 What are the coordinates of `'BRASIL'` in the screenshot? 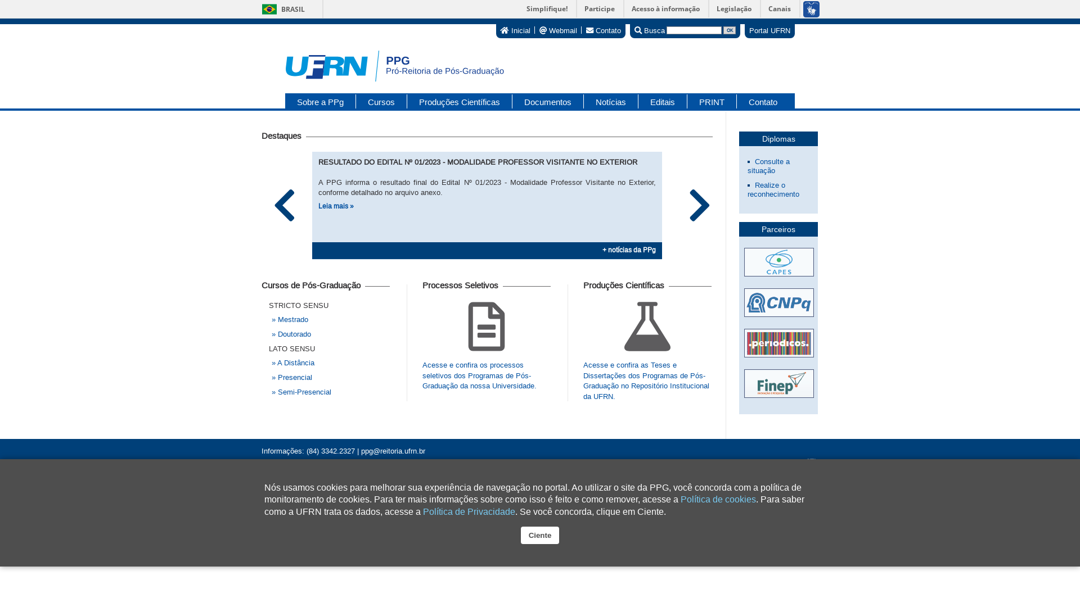 It's located at (281, 9).